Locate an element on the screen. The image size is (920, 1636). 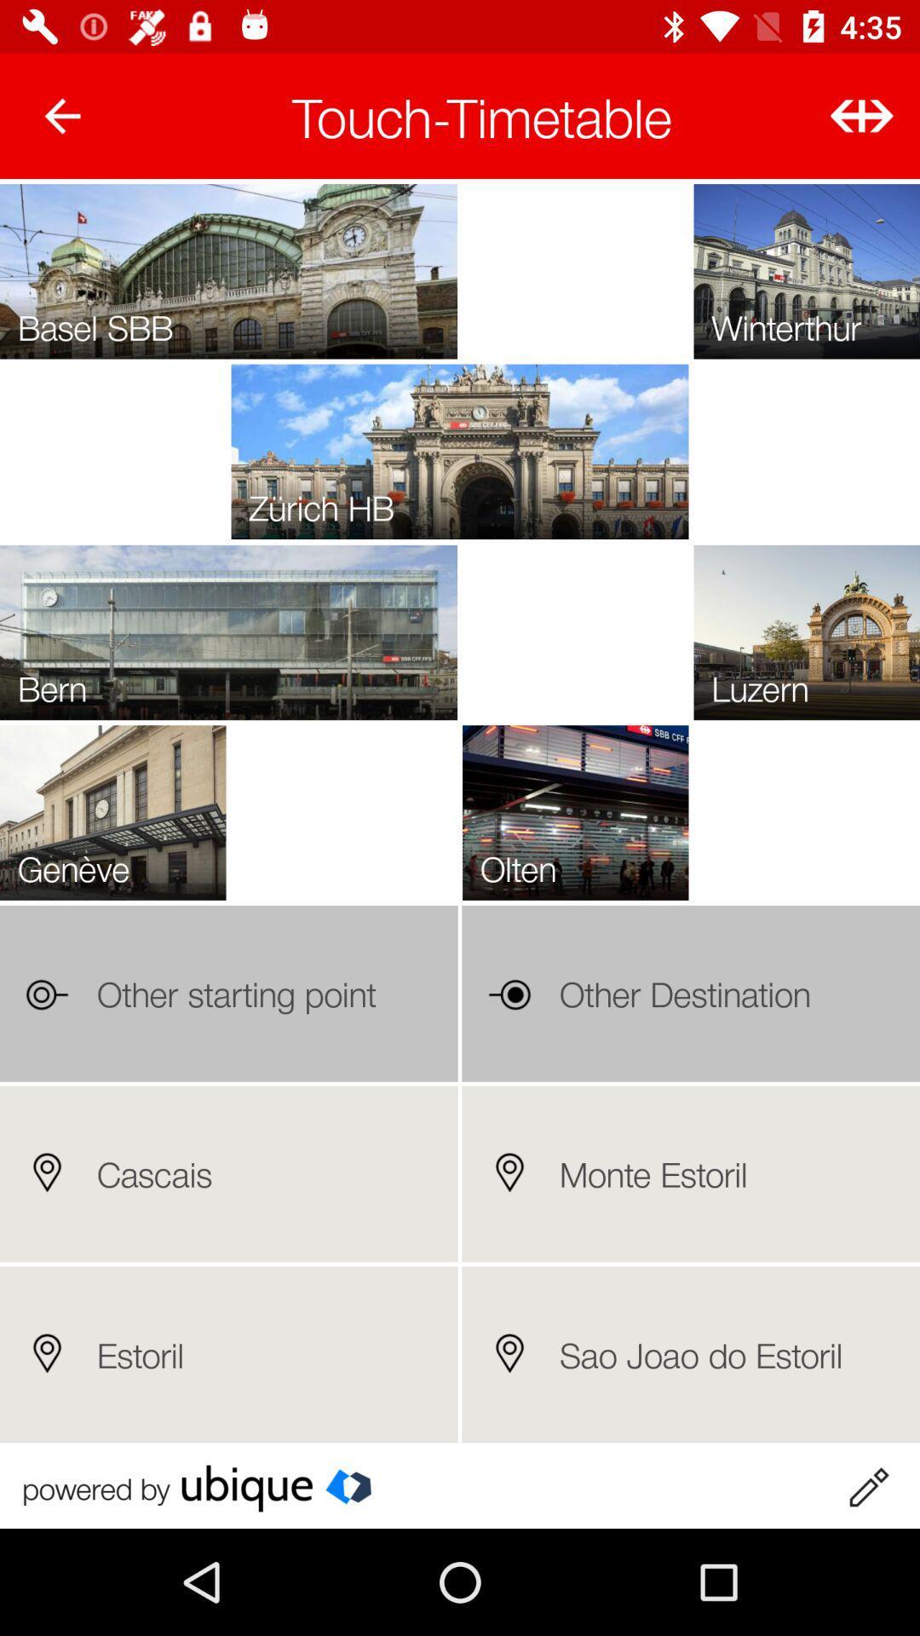
written is located at coordinates (868, 1487).